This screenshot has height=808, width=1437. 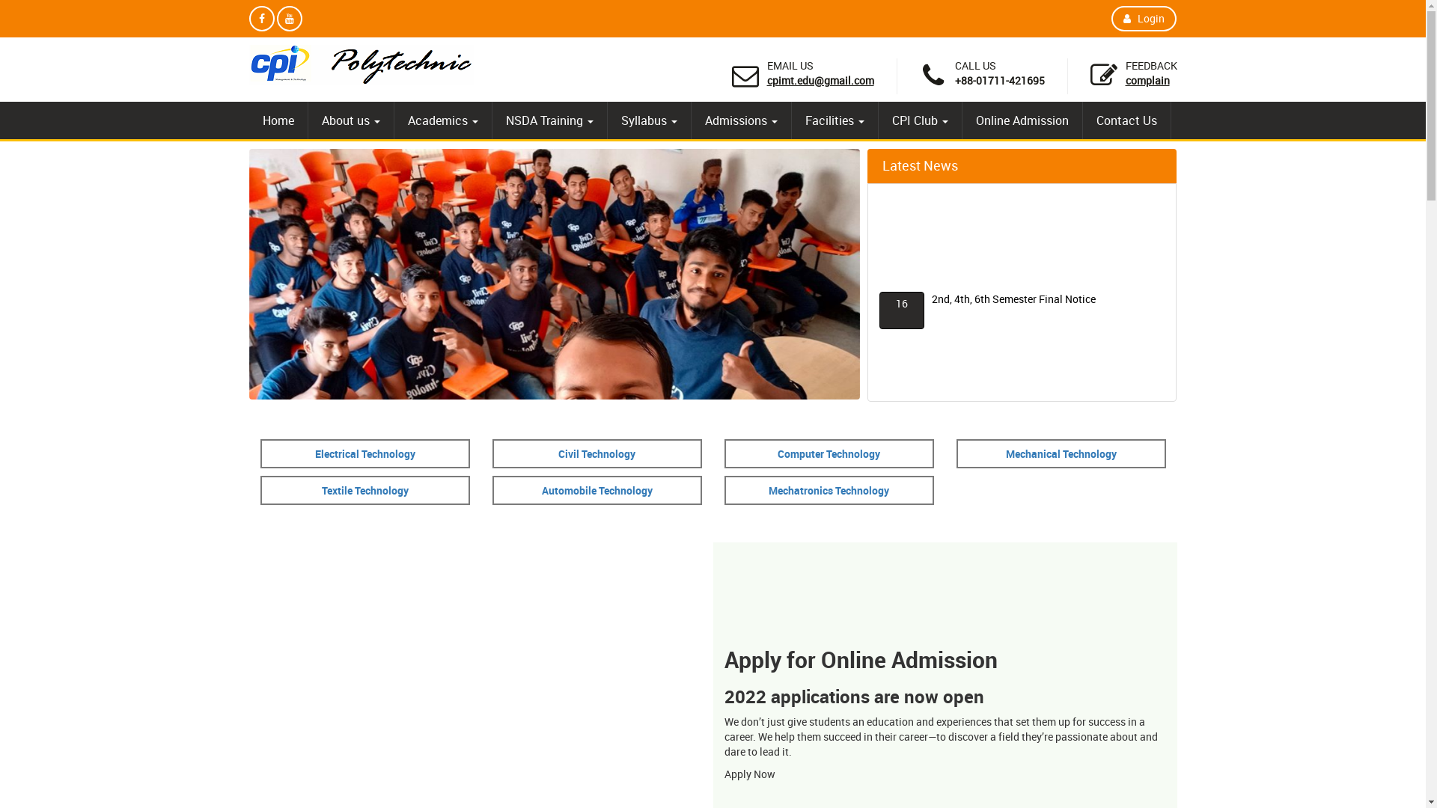 What do you see at coordinates (314, 453) in the screenshot?
I see `'Electrical Technology'` at bounding box center [314, 453].